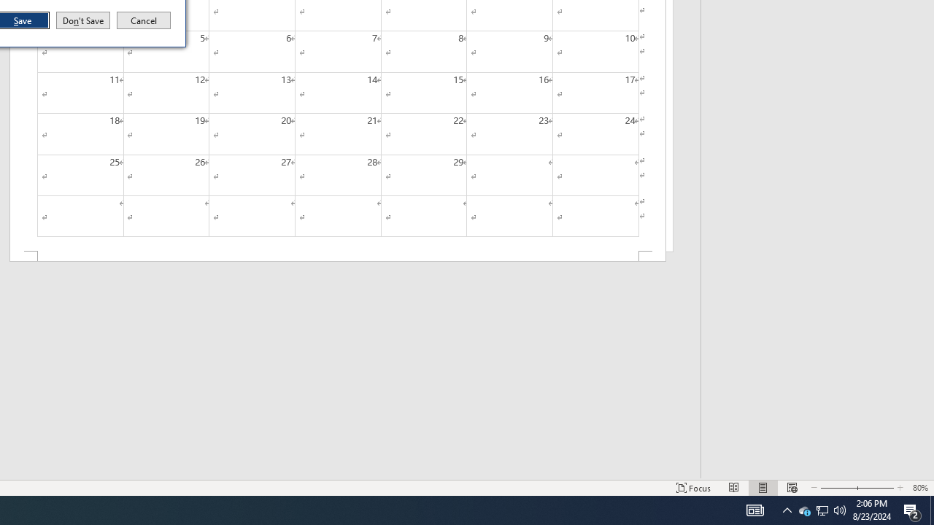  Describe the element at coordinates (144, 20) in the screenshot. I see `'Cancel'` at that location.